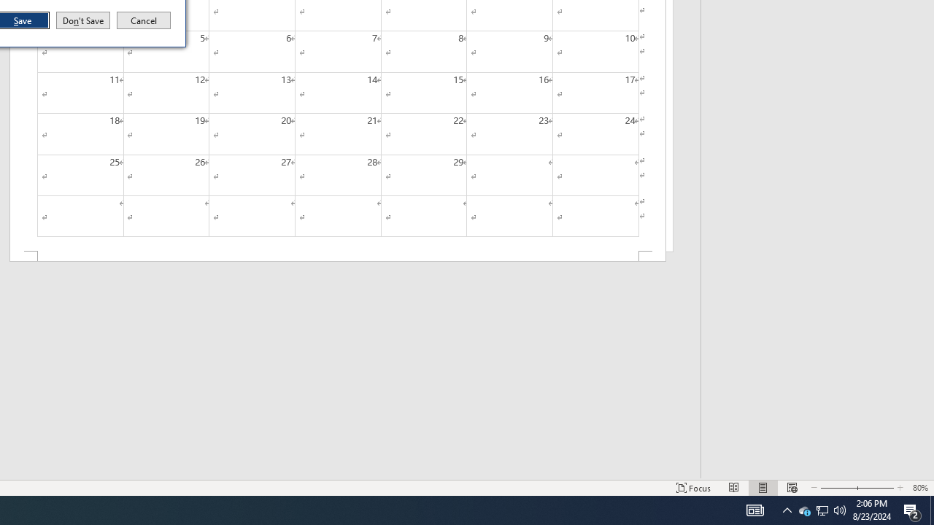  Describe the element at coordinates (144, 20) in the screenshot. I see `'Cancel'` at that location.